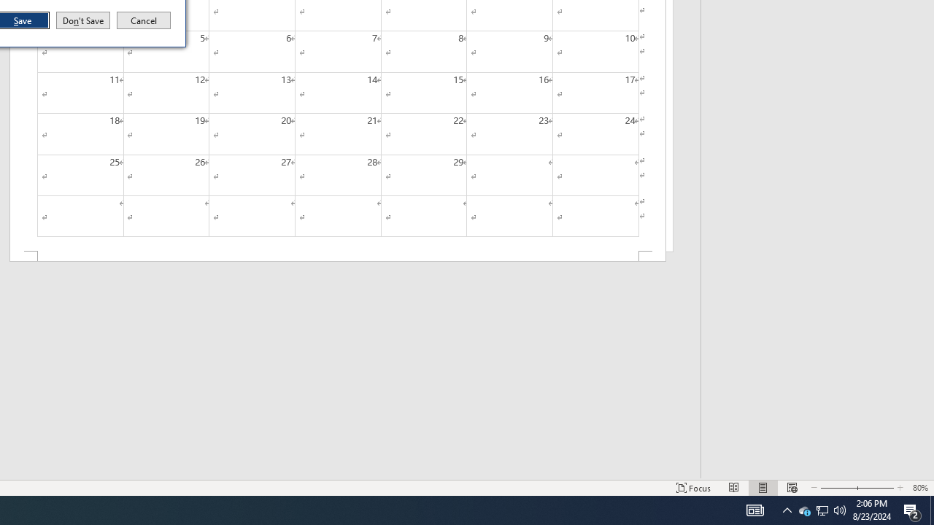  Describe the element at coordinates (144, 20) in the screenshot. I see `'Cancel'` at that location.